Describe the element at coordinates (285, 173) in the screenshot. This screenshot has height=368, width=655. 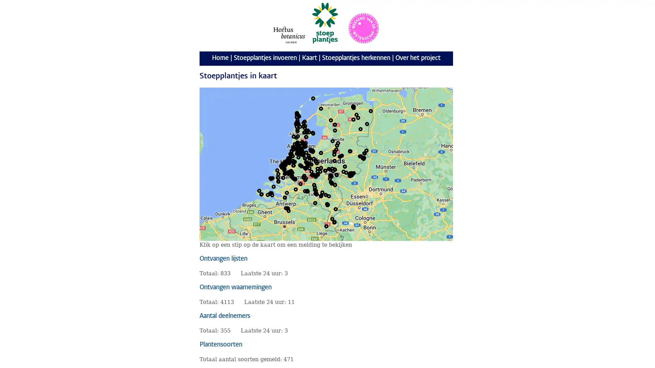
I see `Telling van AadJonkvorst op 21 maart 2022` at that location.